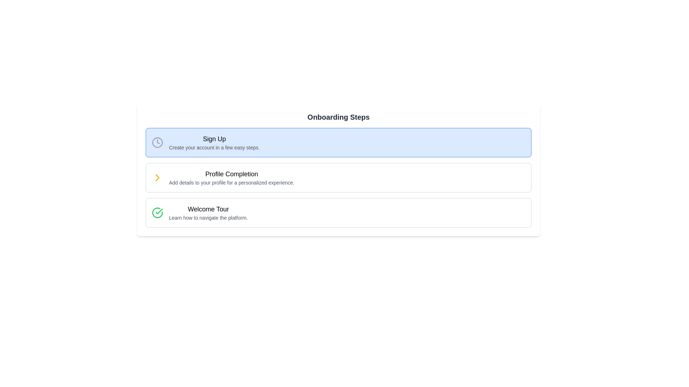 This screenshot has width=689, height=387. Describe the element at coordinates (208, 218) in the screenshot. I see `descriptive text label located directly below the 'Welcome Tour' text, which provides supplementary instructions about the feature` at that location.